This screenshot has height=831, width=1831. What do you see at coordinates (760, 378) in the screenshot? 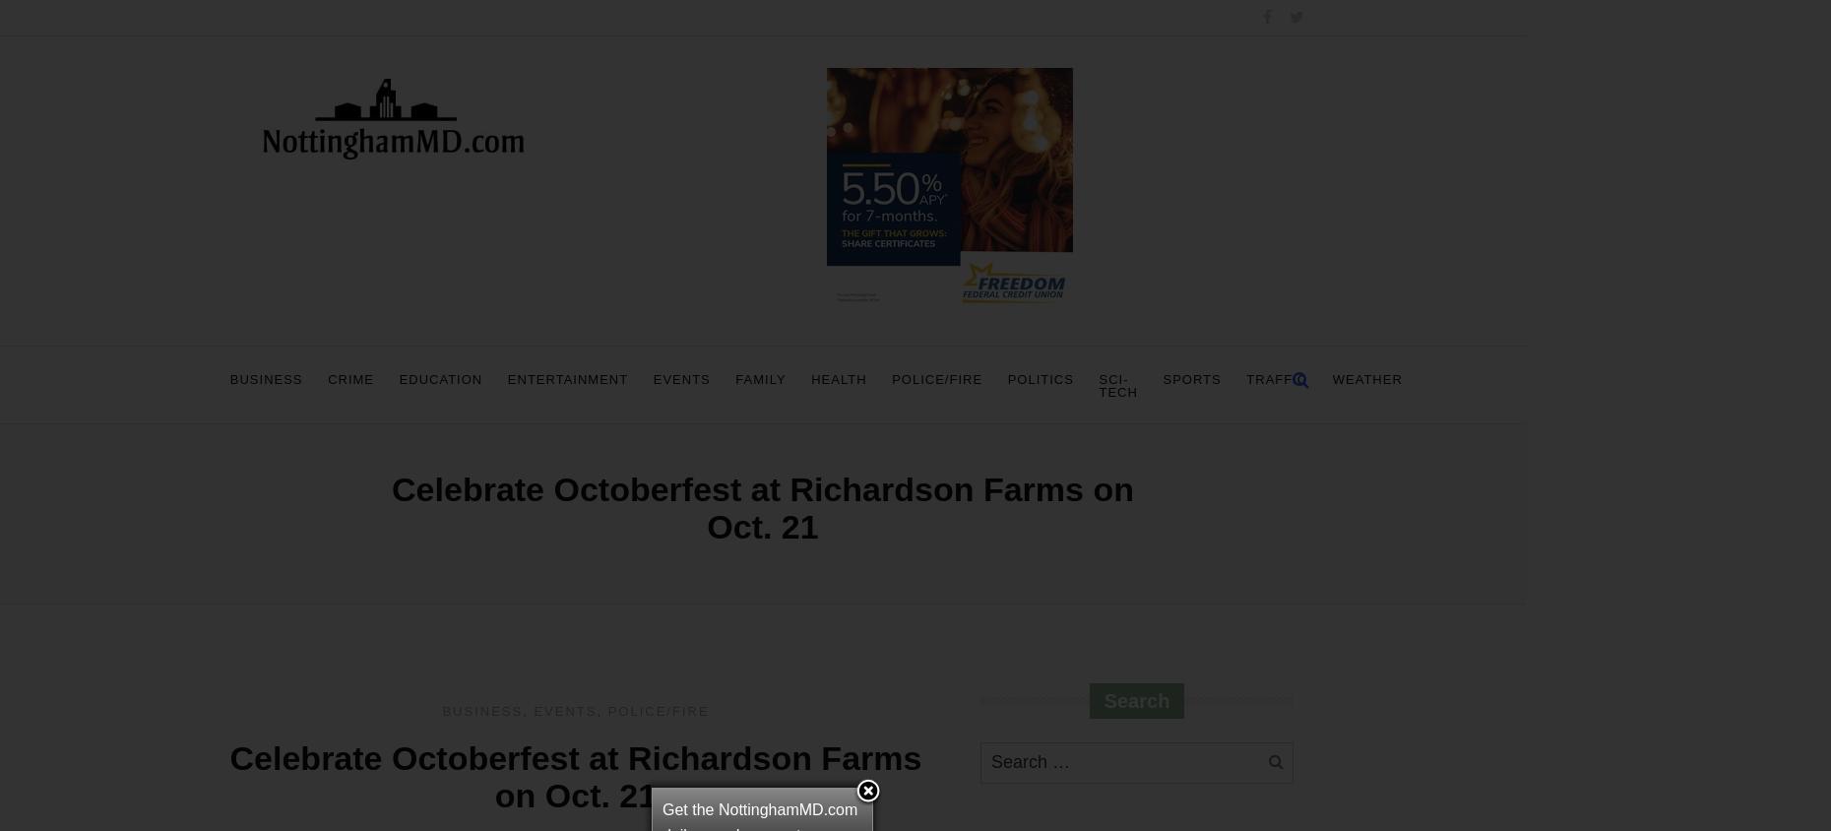
I see `'Family'` at bounding box center [760, 378].